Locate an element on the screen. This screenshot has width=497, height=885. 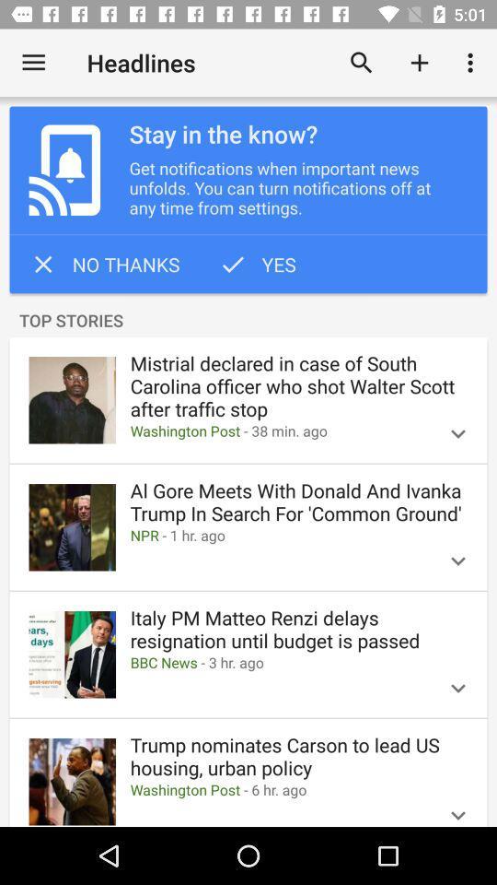
icon above the washington post 6 is located at coordinates (299, 757).